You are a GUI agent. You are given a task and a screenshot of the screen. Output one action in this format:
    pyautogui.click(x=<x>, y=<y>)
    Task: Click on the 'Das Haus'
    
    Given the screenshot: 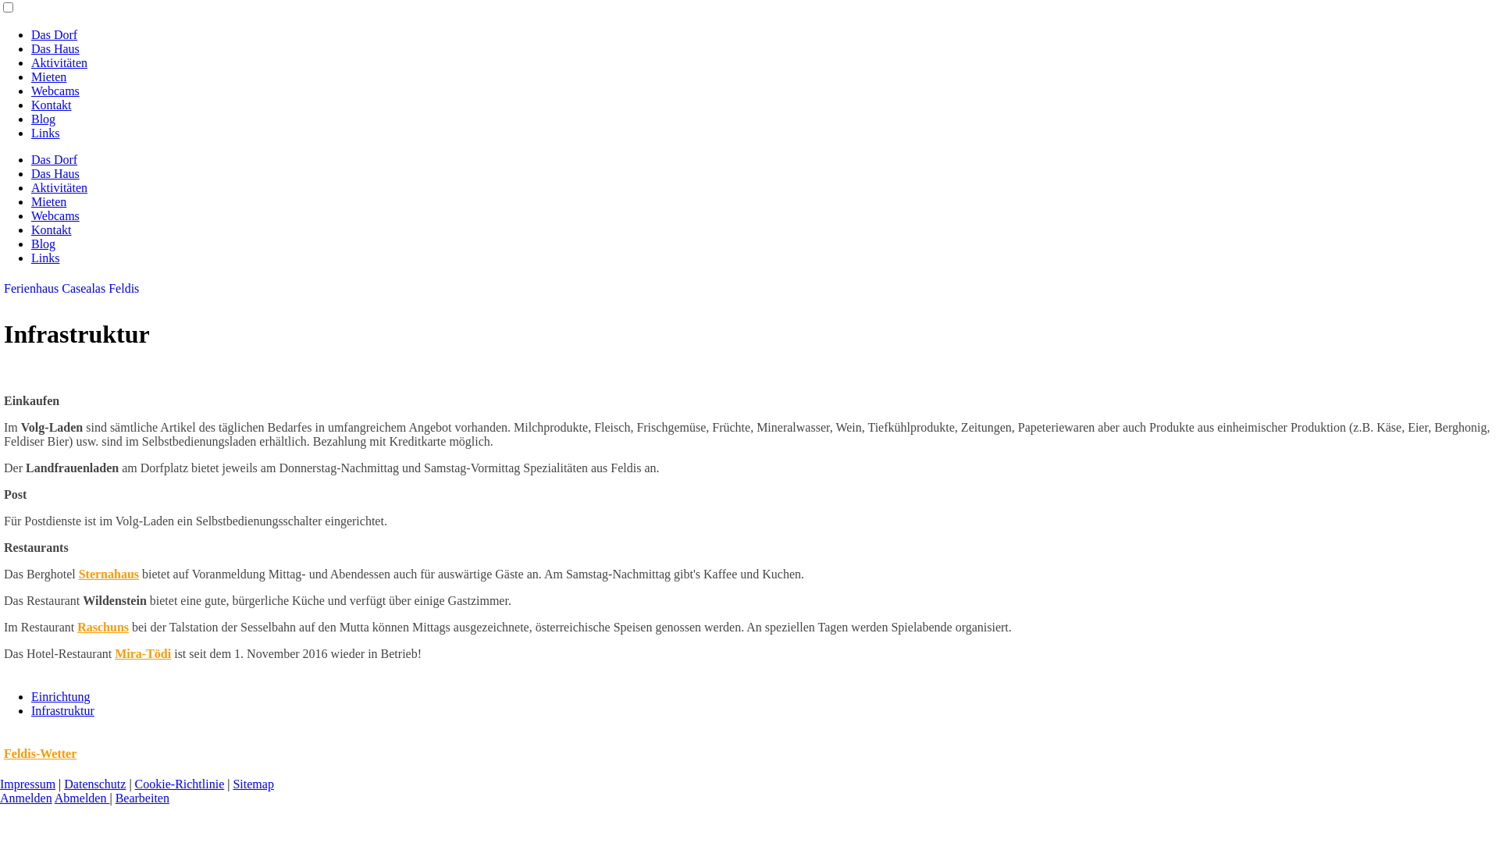 What is the action you would take?
    pyautogui.click(x=55, y=173)
    